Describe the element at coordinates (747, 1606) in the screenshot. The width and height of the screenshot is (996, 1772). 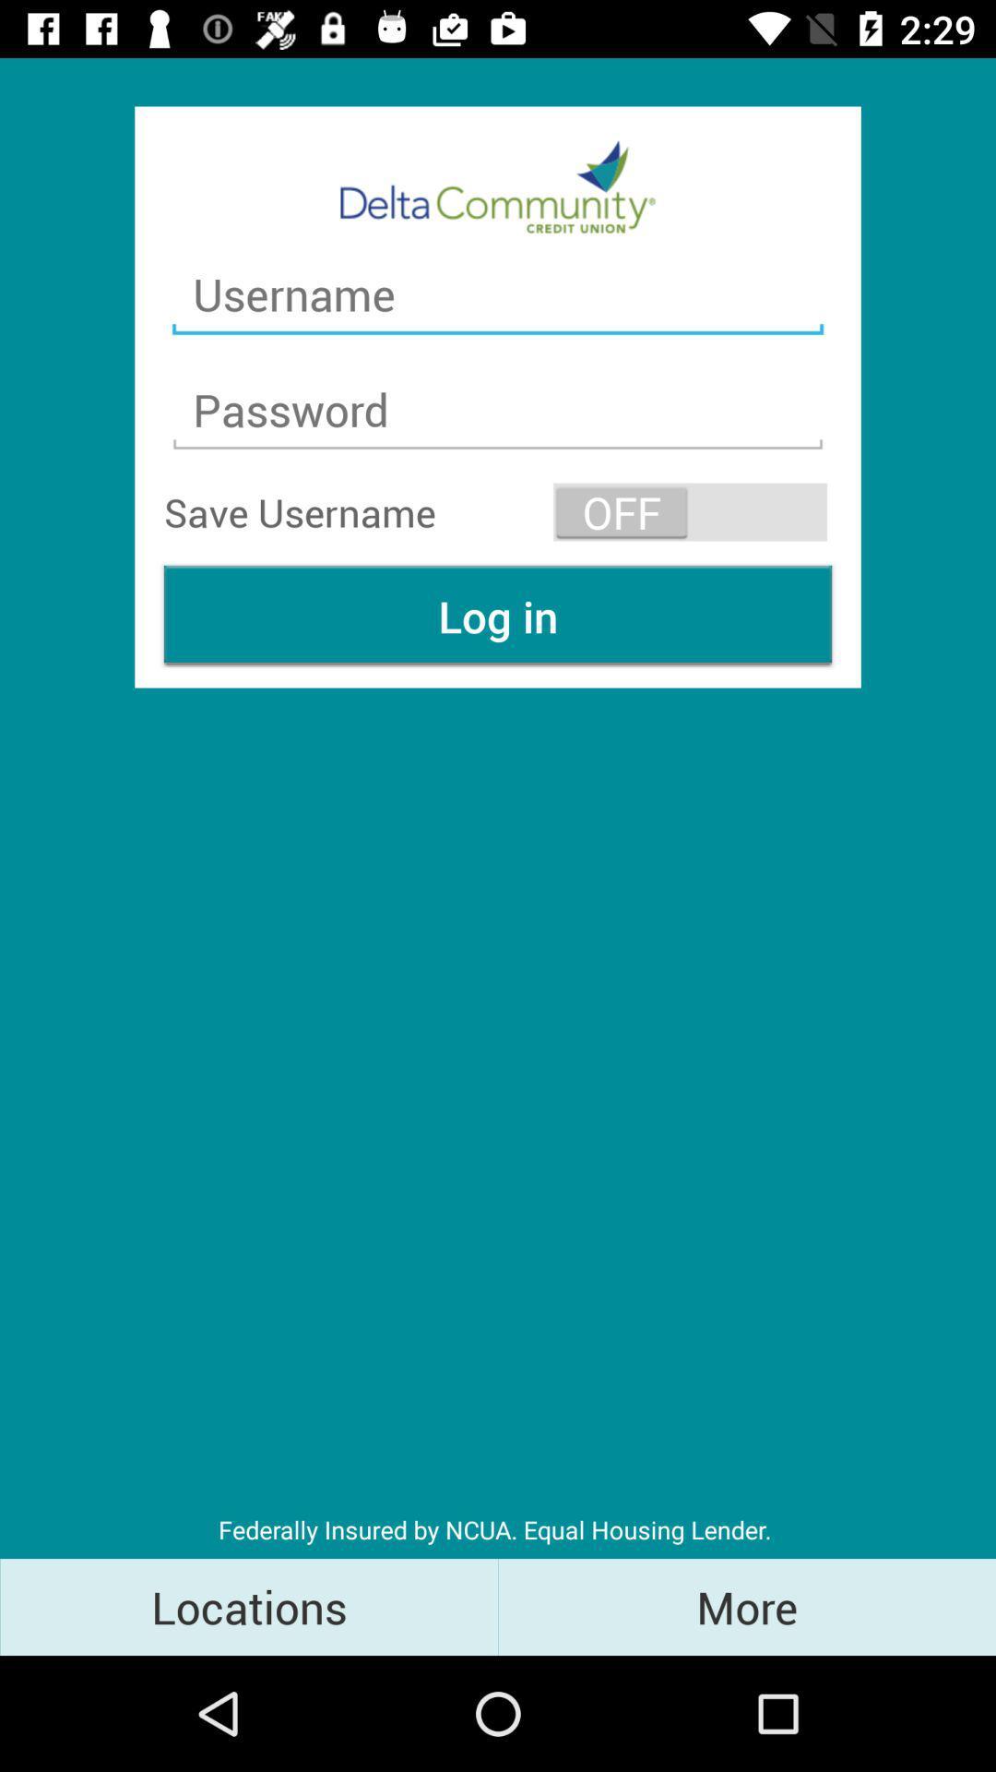
I see `item next to locations` at that location.